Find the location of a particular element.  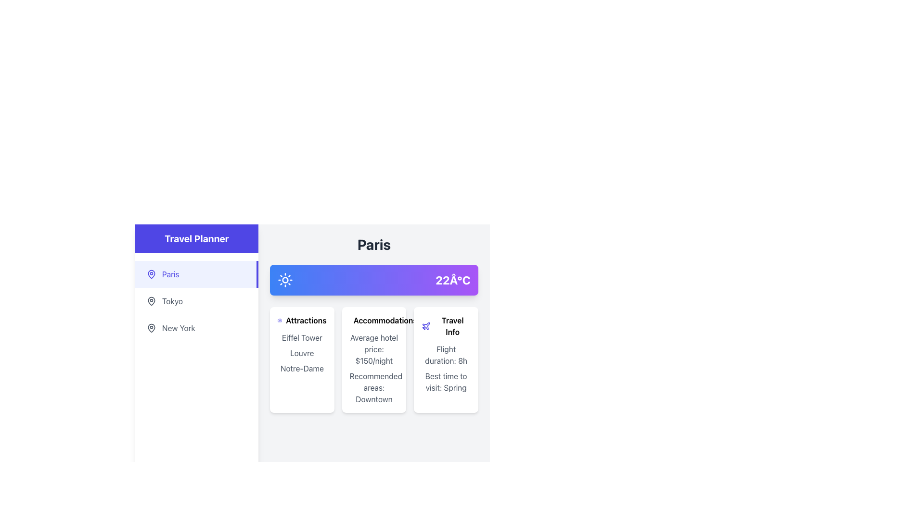

the 'Attractions' TextLabel with Icon, which features a camera symbol in indigo color is located at coordinates (301, 321).